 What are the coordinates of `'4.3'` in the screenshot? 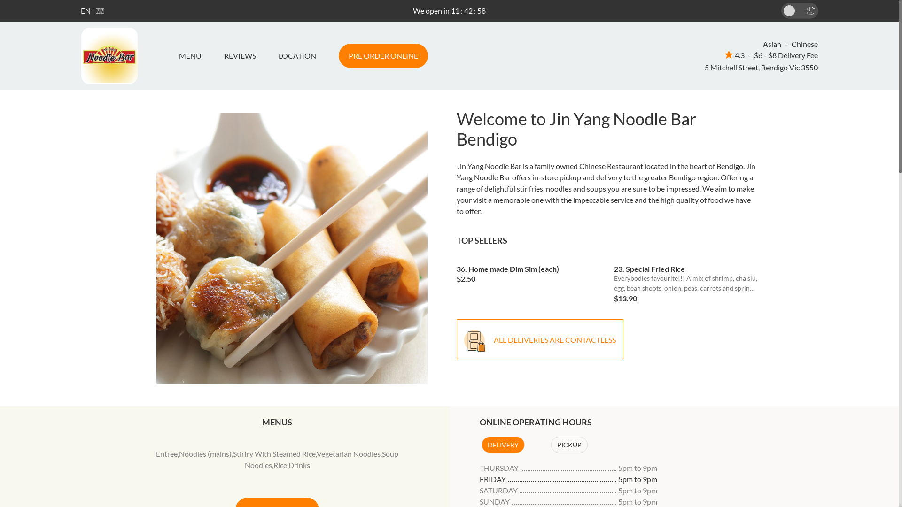 It's located at (734, 55).